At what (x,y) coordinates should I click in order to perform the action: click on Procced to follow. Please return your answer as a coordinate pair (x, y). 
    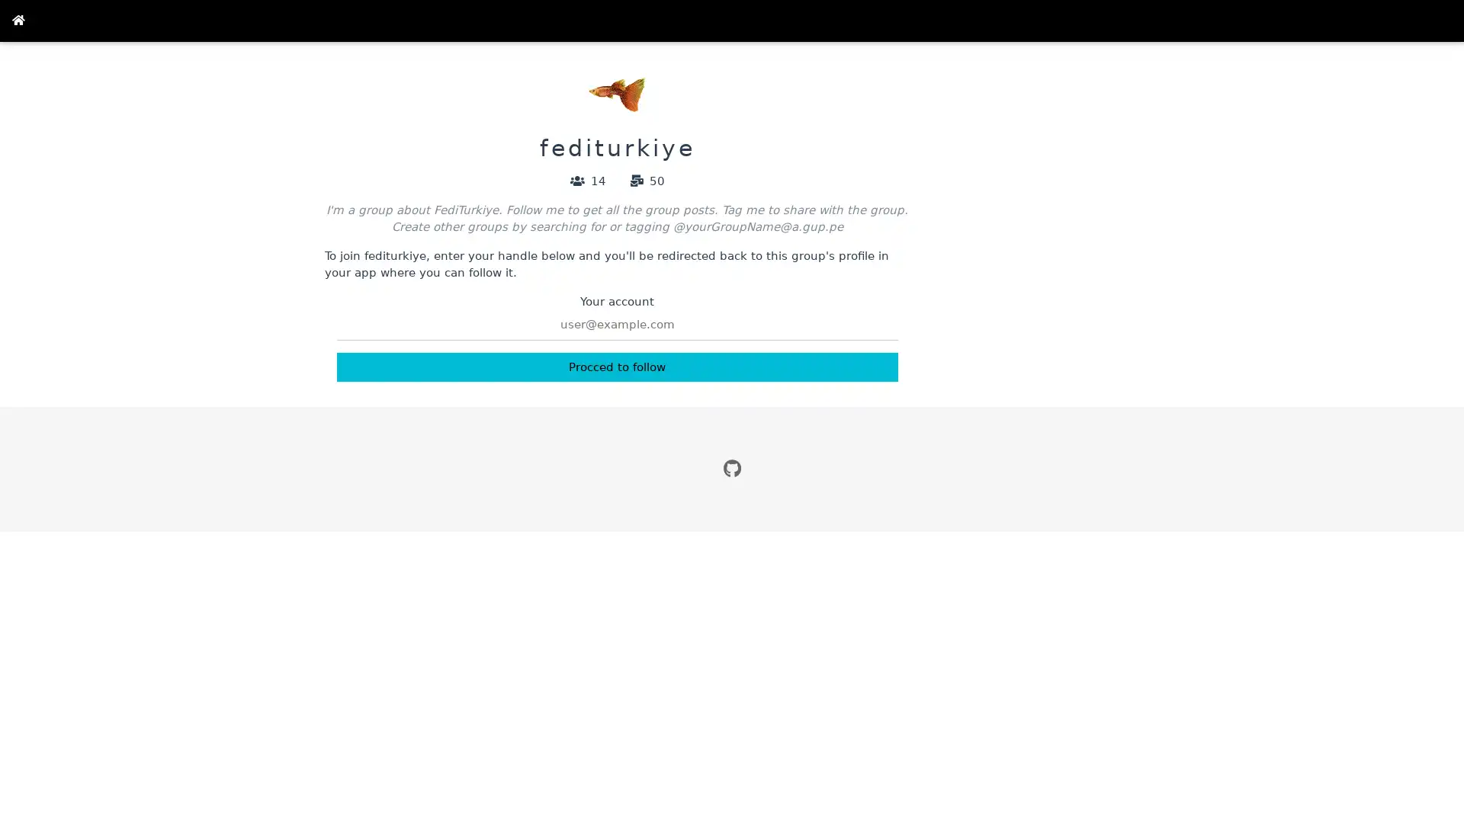
    Looking at the image, I should click on (617, 367).